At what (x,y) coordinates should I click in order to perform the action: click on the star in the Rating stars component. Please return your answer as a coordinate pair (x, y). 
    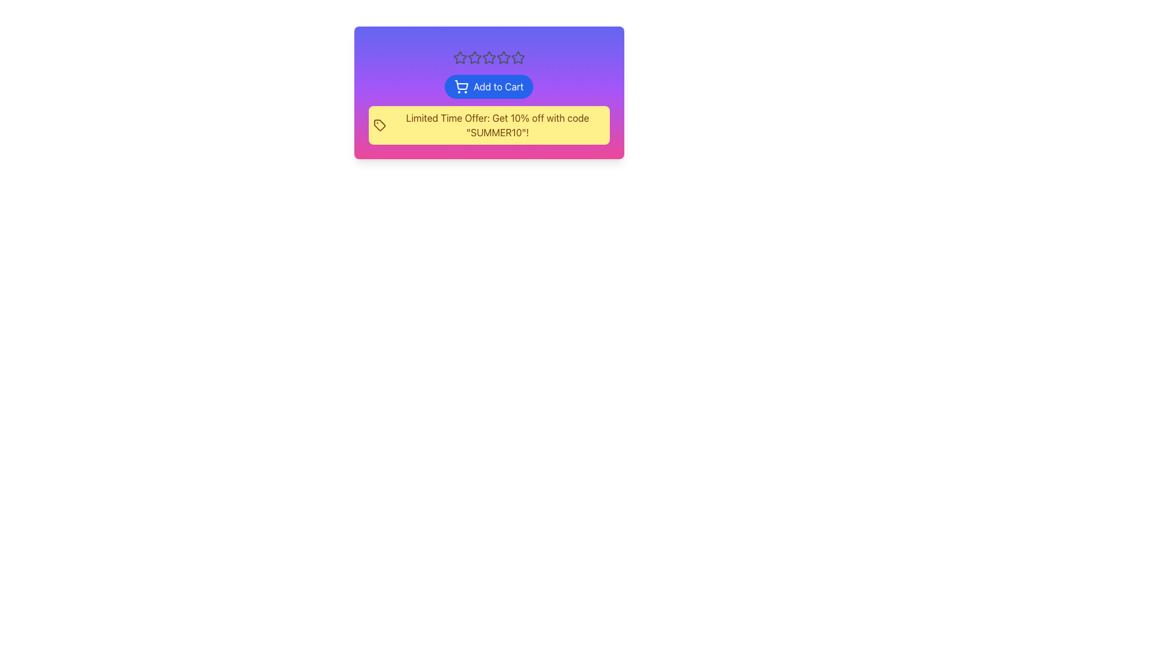
    Looking at the image, I should click on (489, 58).